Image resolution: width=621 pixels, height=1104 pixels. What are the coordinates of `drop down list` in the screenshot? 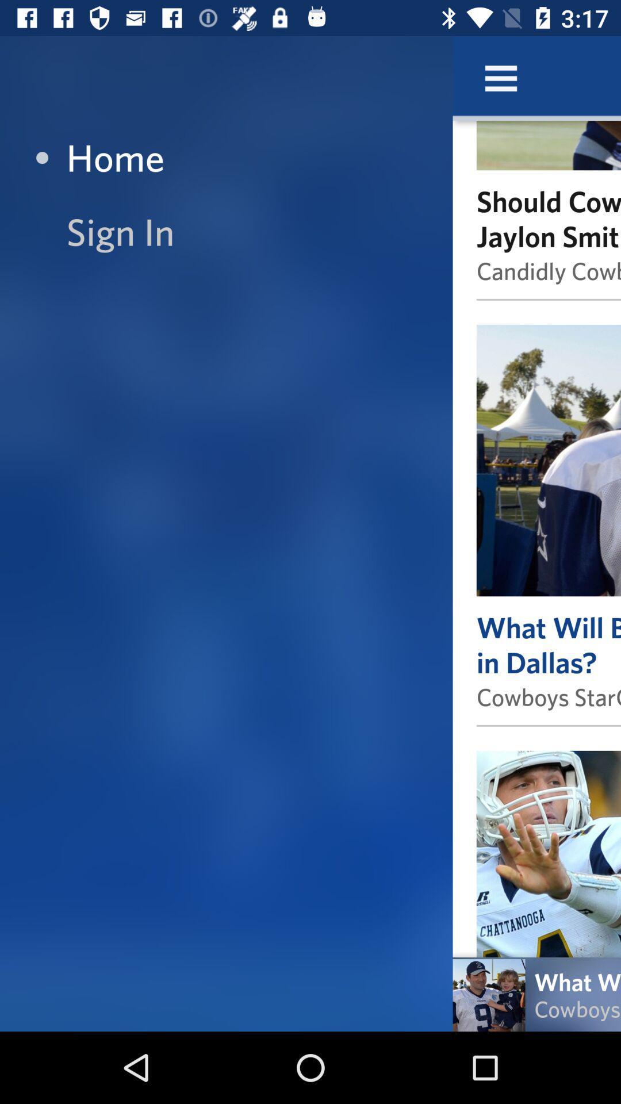 It's located at (500, 78).